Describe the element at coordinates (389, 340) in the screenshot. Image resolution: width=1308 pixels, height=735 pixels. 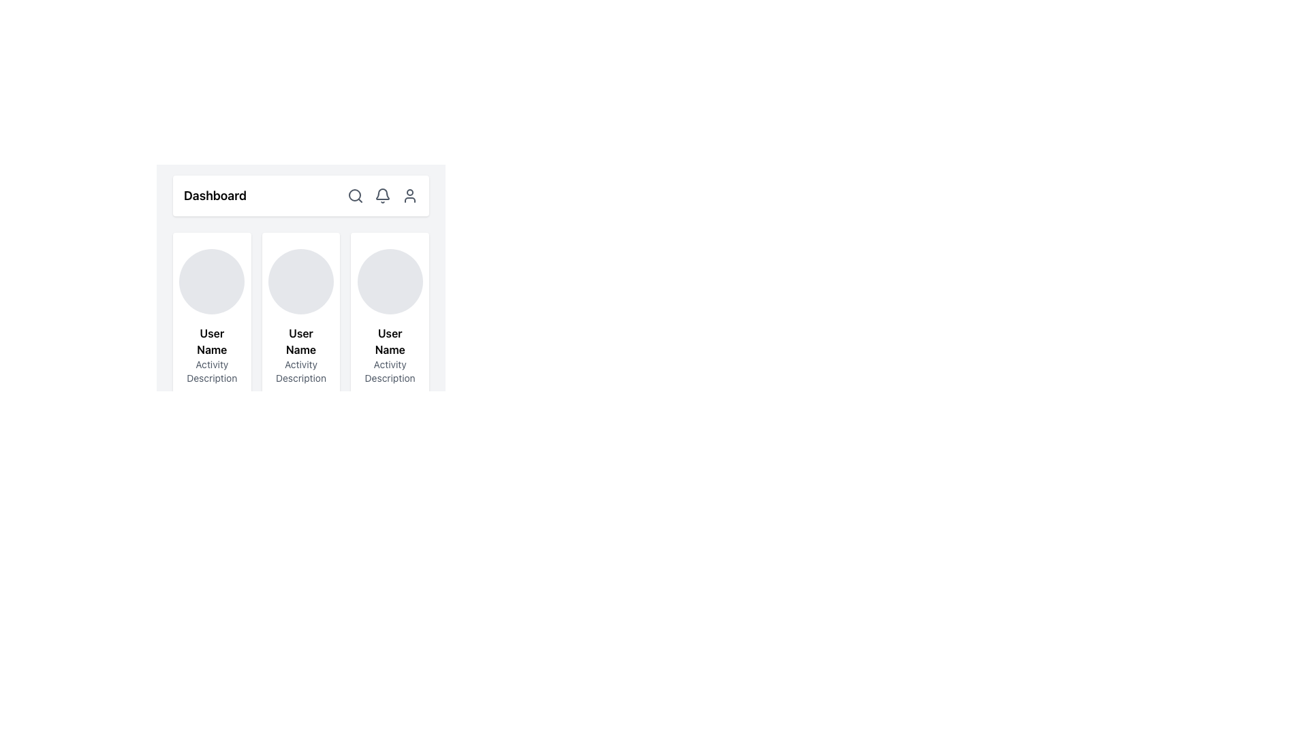
I see `text content of the 'User Name' label located in the third card of a horizontal series, positioned above the 'Activity Description' text` at that location.